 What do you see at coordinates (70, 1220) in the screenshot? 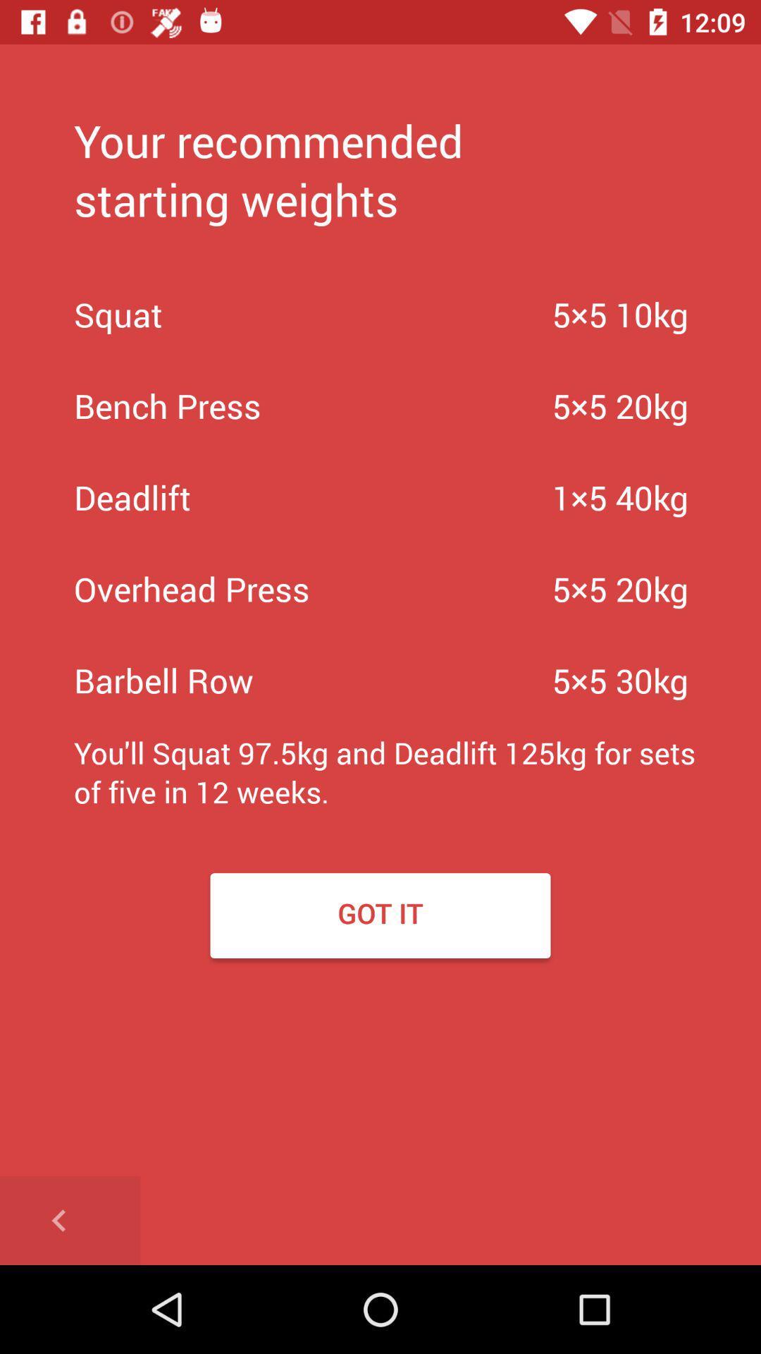
I see `icon at the bottom left corner` at bounding box center [70, 1220].